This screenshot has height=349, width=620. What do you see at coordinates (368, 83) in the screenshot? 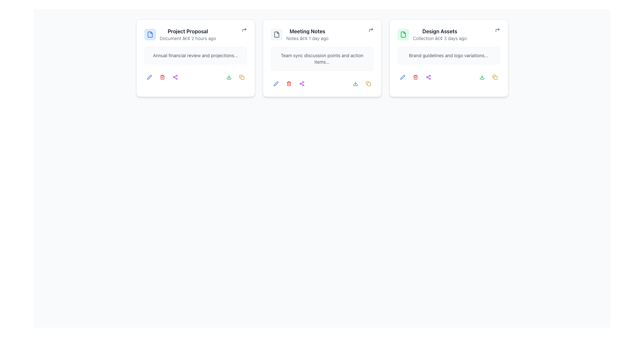
I see `the 'copy' or 'duplicate' icon located in the lower-right corner of the second card` at bounding box center [368, 83].